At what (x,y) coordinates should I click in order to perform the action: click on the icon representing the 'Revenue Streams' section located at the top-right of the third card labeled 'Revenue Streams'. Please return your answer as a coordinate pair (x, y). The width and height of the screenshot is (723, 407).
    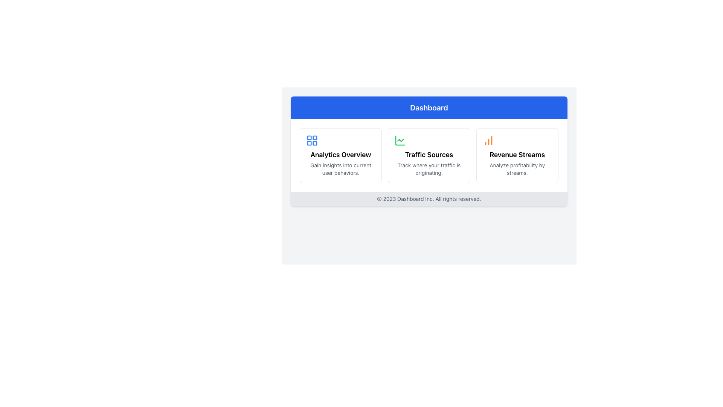
    Looking at the image, I should click on (488, 141).